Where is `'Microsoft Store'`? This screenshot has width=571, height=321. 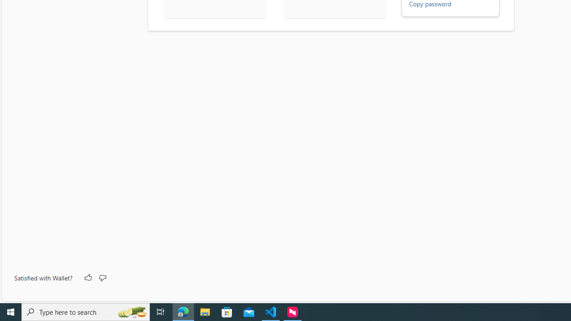 'Microsoft Store' is located at coordinates (227, 311).